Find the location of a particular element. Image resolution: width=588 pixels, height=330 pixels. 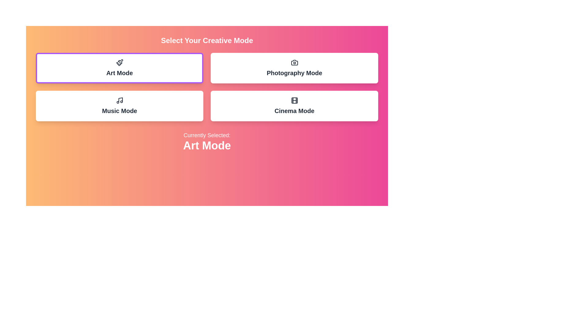

the button corresponding to Photography Mode to select it is located at coordinates (294, 68).